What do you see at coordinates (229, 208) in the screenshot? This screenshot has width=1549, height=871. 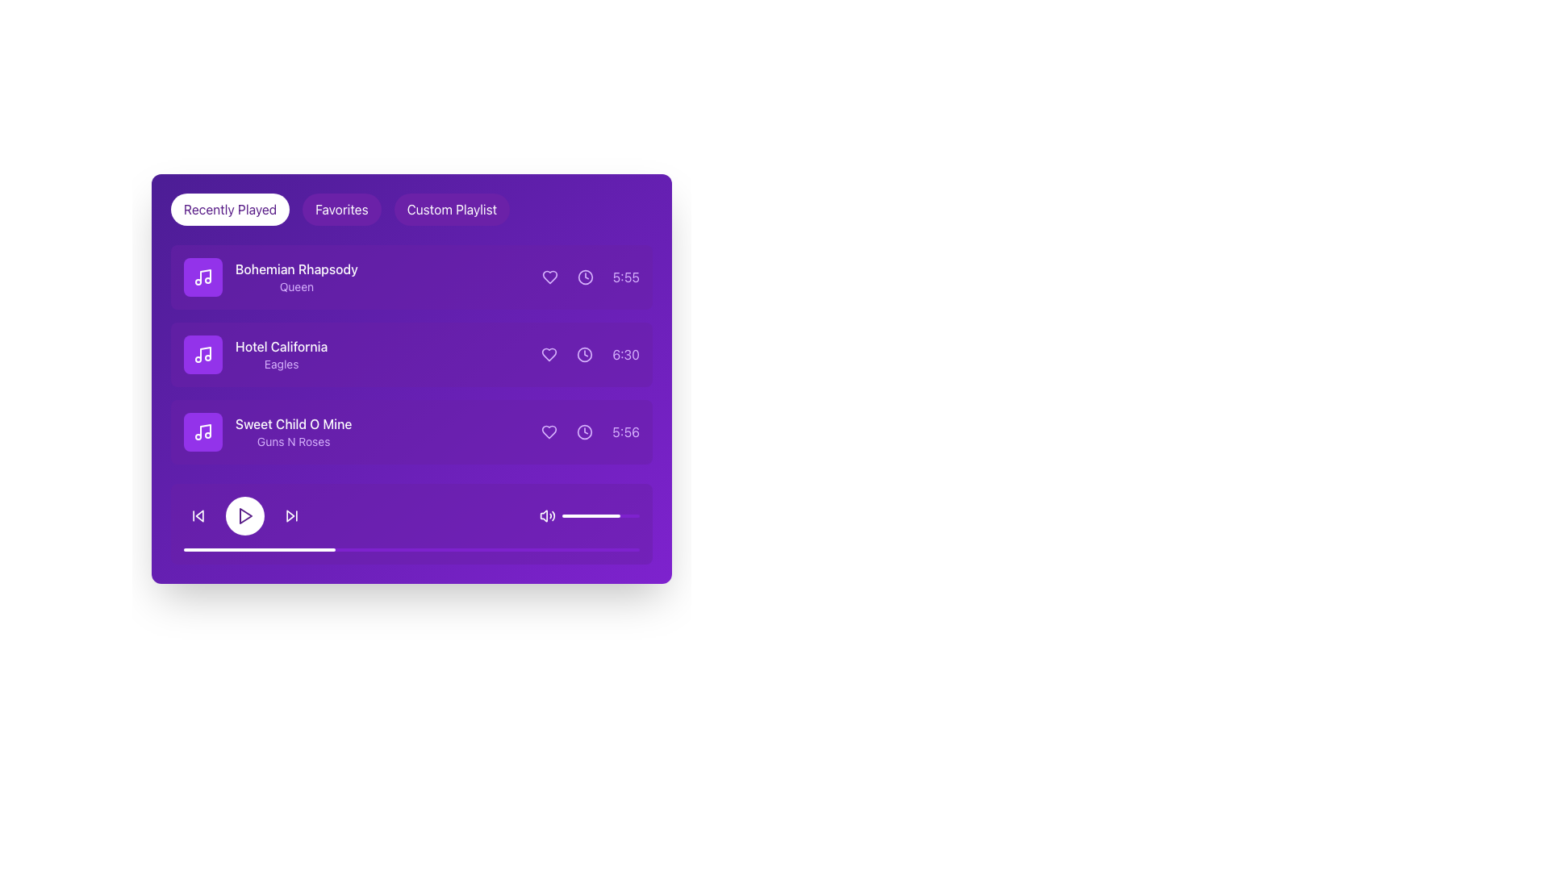 I see `the 'Recently Played' button located in the top-left section of the purple card interface` at bounding box center [229, 208].